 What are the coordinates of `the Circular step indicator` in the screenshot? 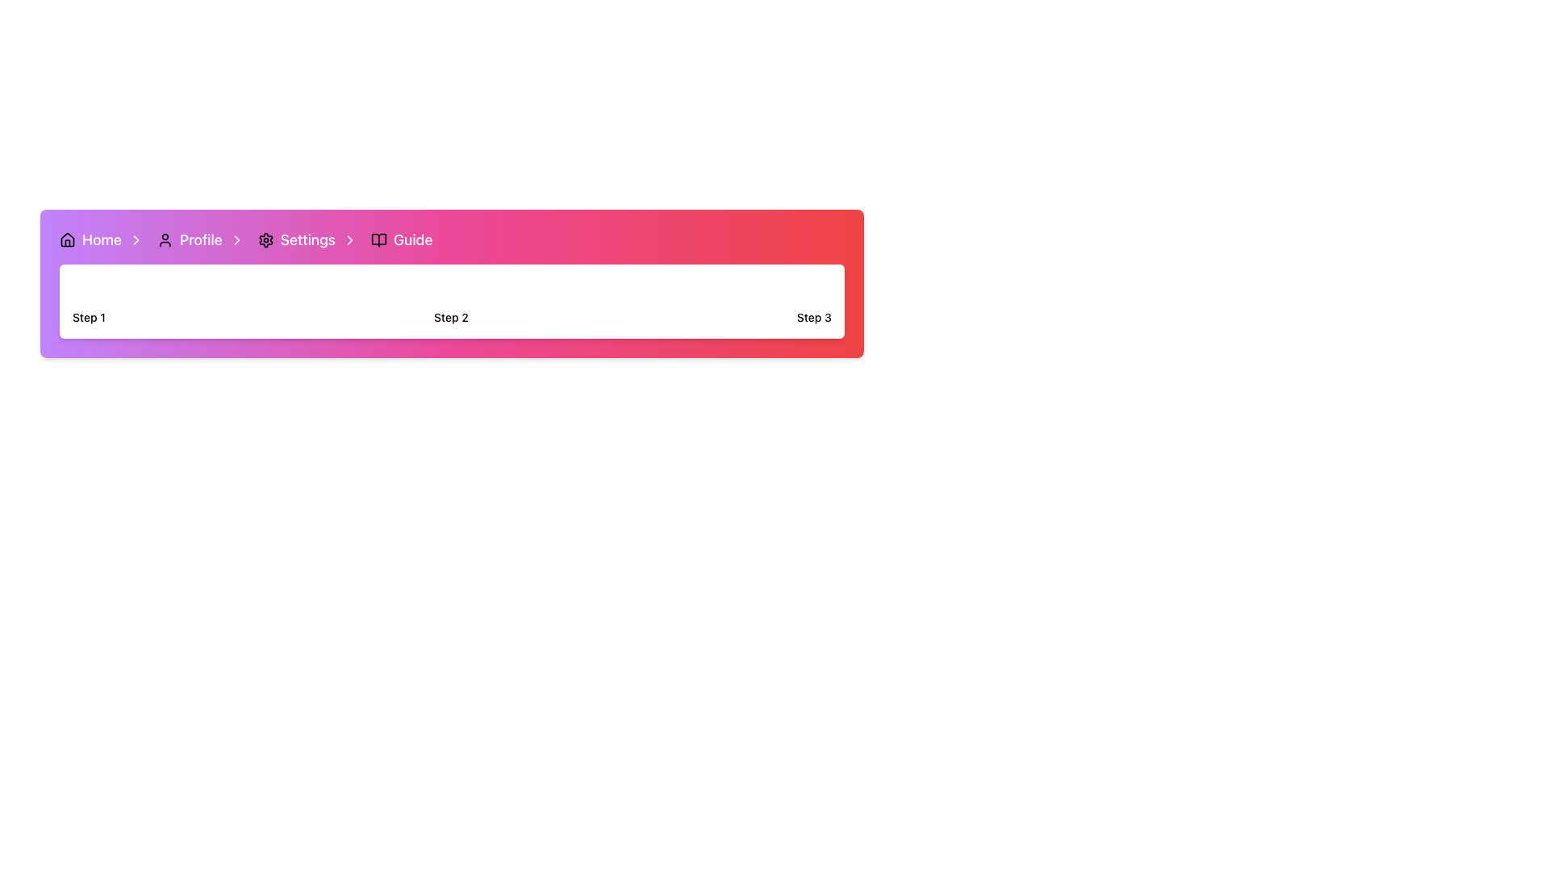 It's located at (451, 289).